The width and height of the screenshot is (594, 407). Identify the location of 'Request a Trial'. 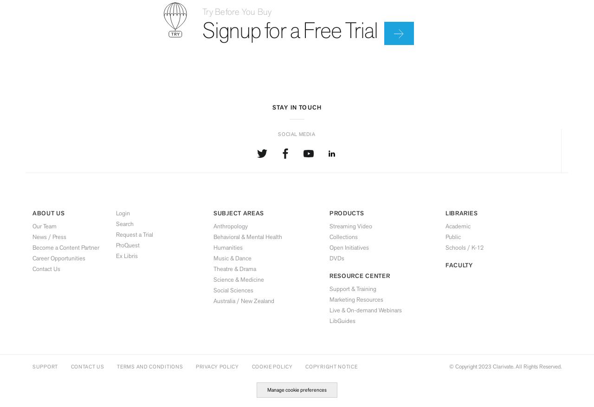
(134, 233).